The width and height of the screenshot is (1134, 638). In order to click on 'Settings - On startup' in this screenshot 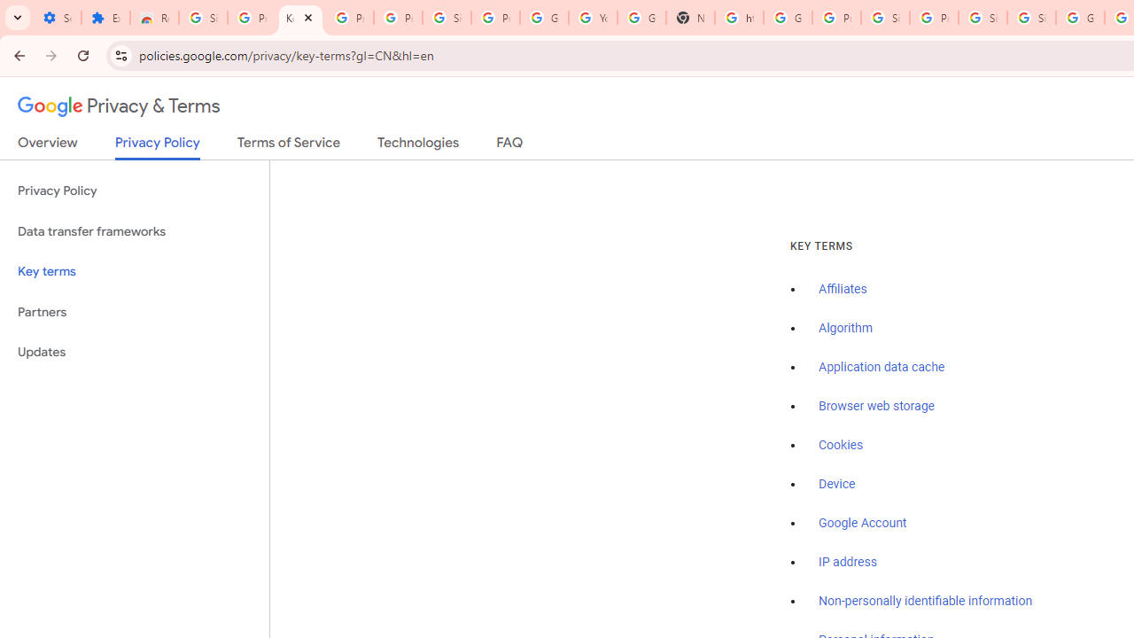, I will do `click(57, 18)`.